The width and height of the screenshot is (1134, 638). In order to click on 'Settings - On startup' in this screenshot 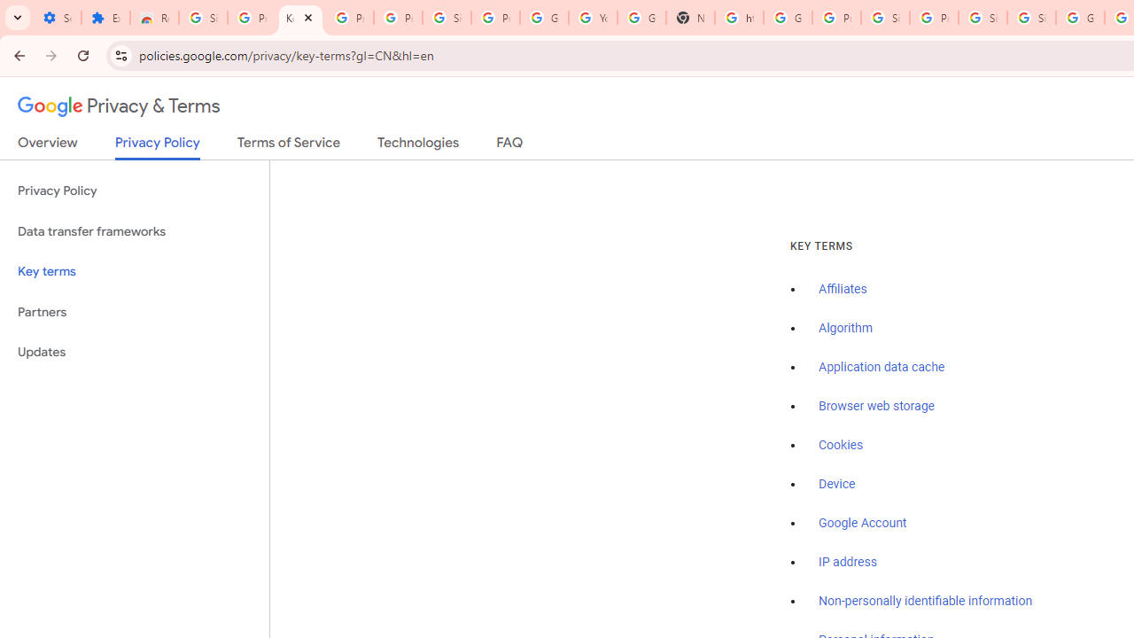, I will do `click(57, 18)`.